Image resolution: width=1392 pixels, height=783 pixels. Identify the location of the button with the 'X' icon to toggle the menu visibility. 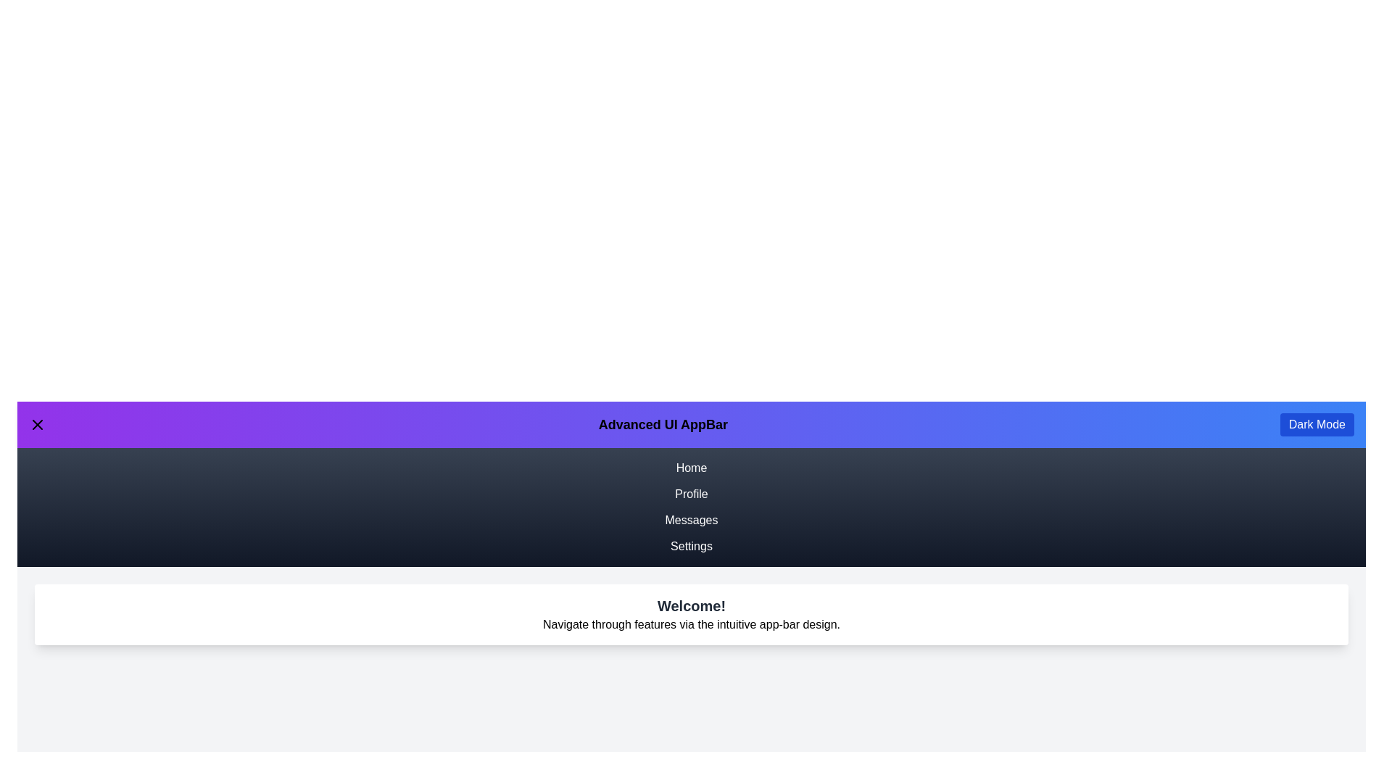
(38, 424).